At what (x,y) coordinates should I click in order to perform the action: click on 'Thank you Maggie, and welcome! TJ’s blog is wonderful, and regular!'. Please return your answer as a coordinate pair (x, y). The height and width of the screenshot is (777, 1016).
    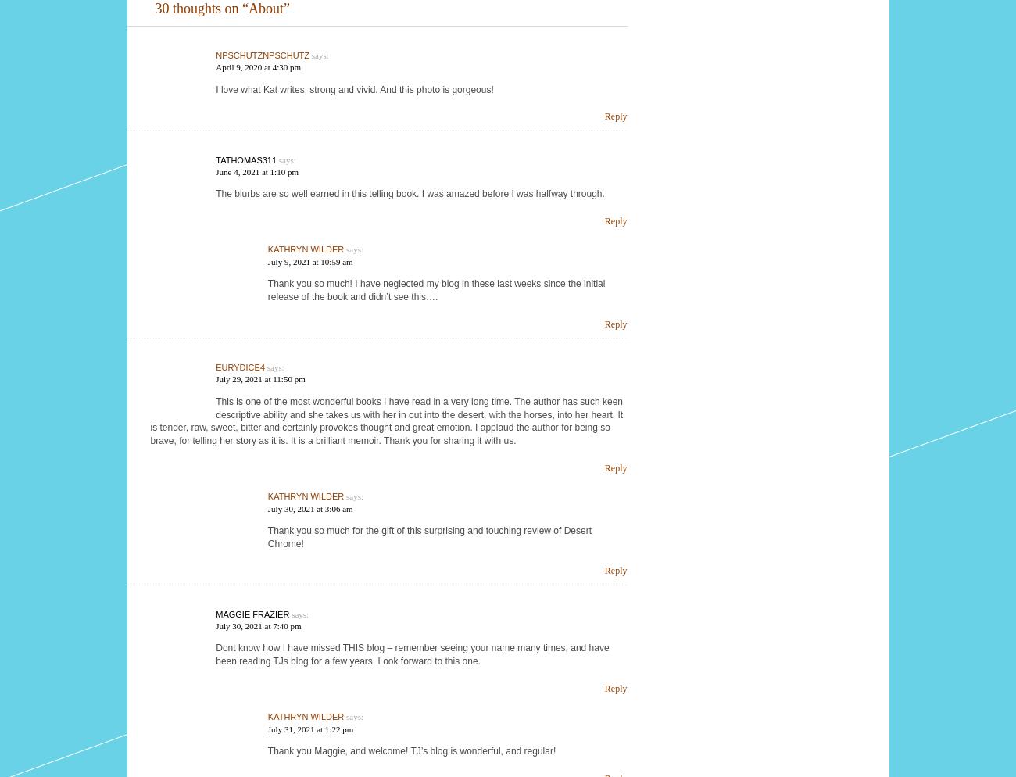
    Looking at the image, I should click on (411, 750).